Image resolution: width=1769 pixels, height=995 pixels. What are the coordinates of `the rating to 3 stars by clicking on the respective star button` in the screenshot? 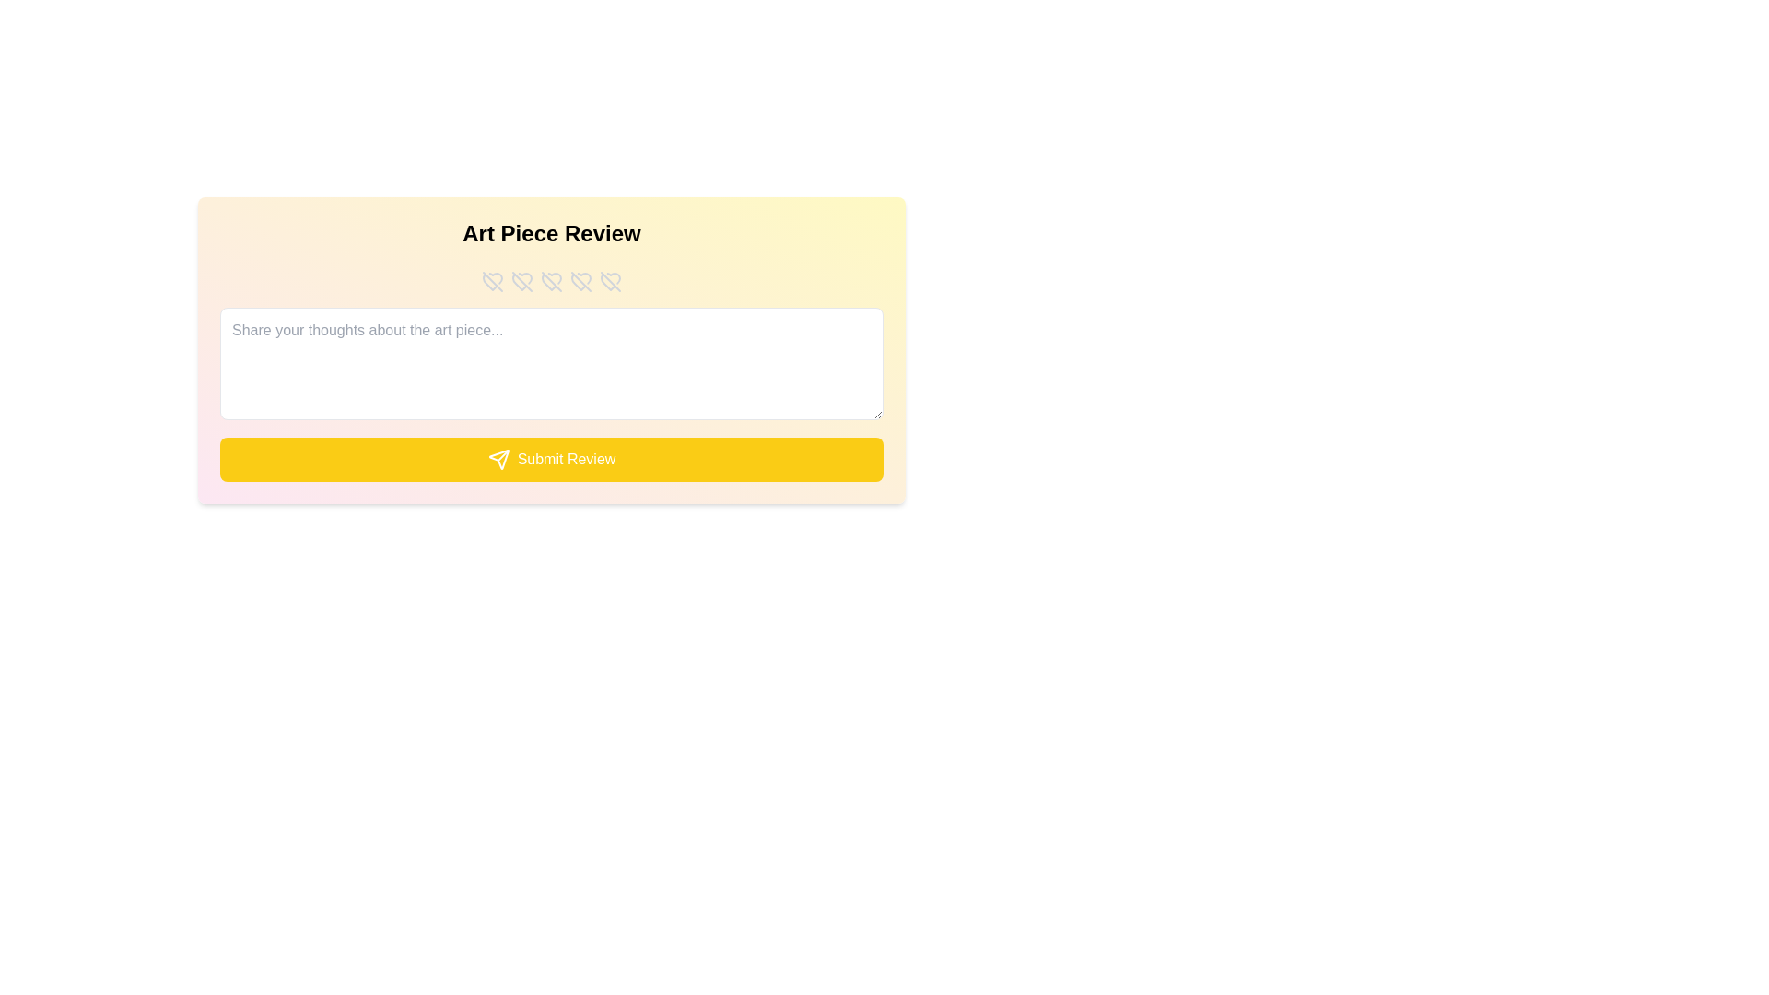 It's located at (551, 281).